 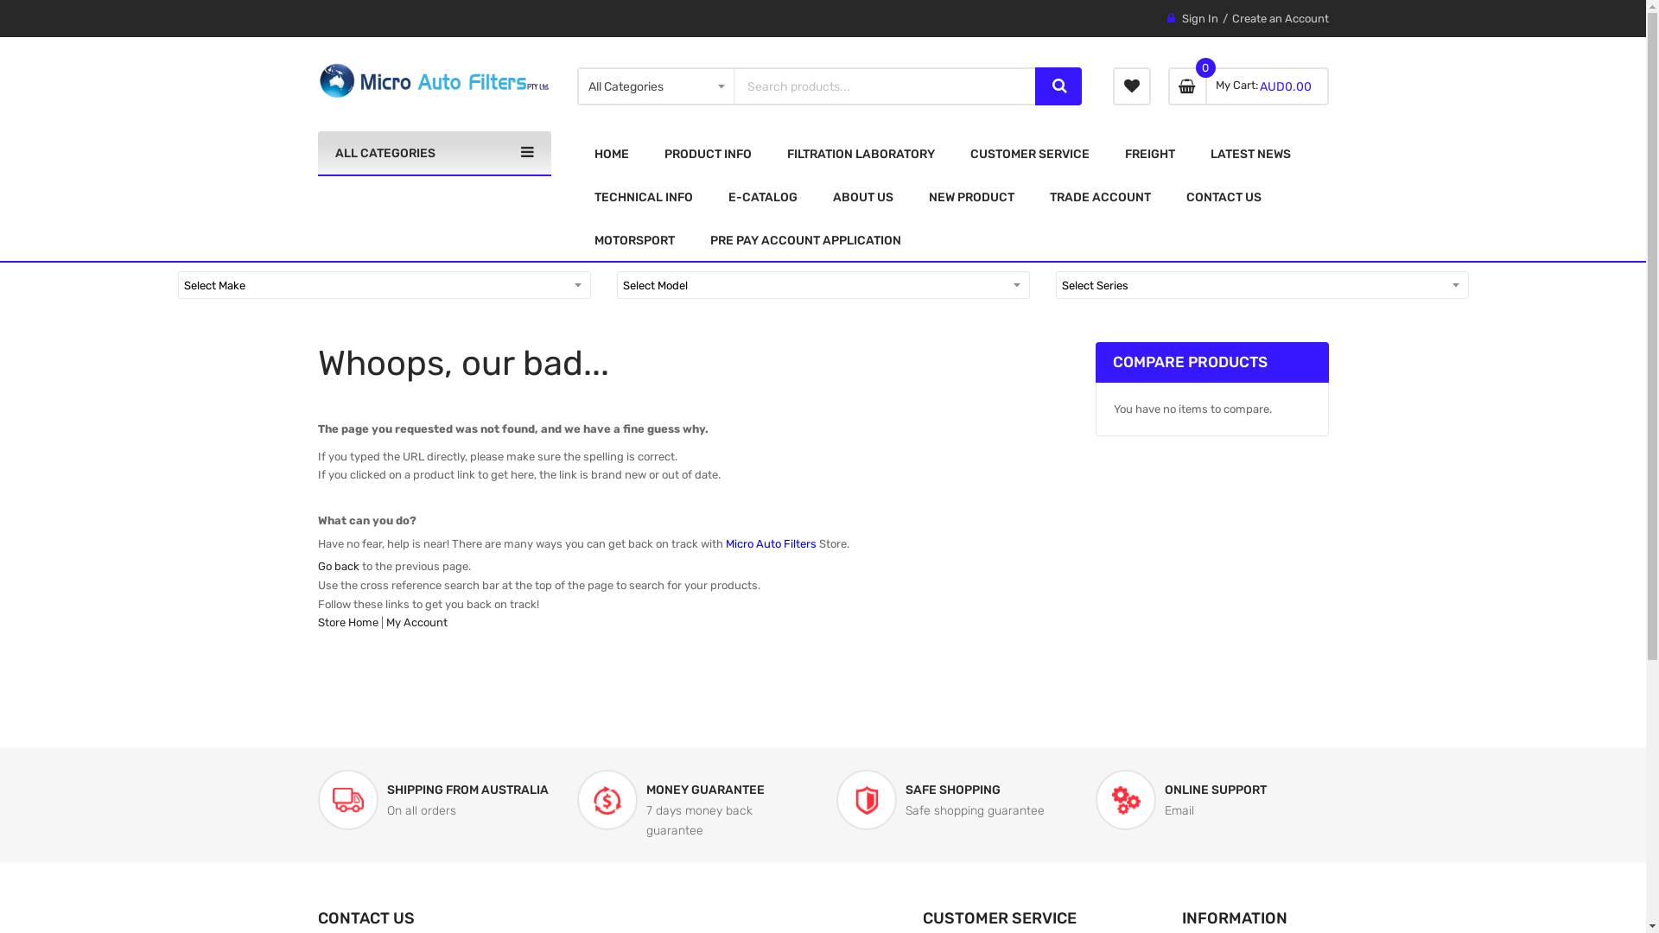 What do you see at coordinates (1057, 86) in the screenshot?
I see `'Search'` at bounding box center [1057, 86].